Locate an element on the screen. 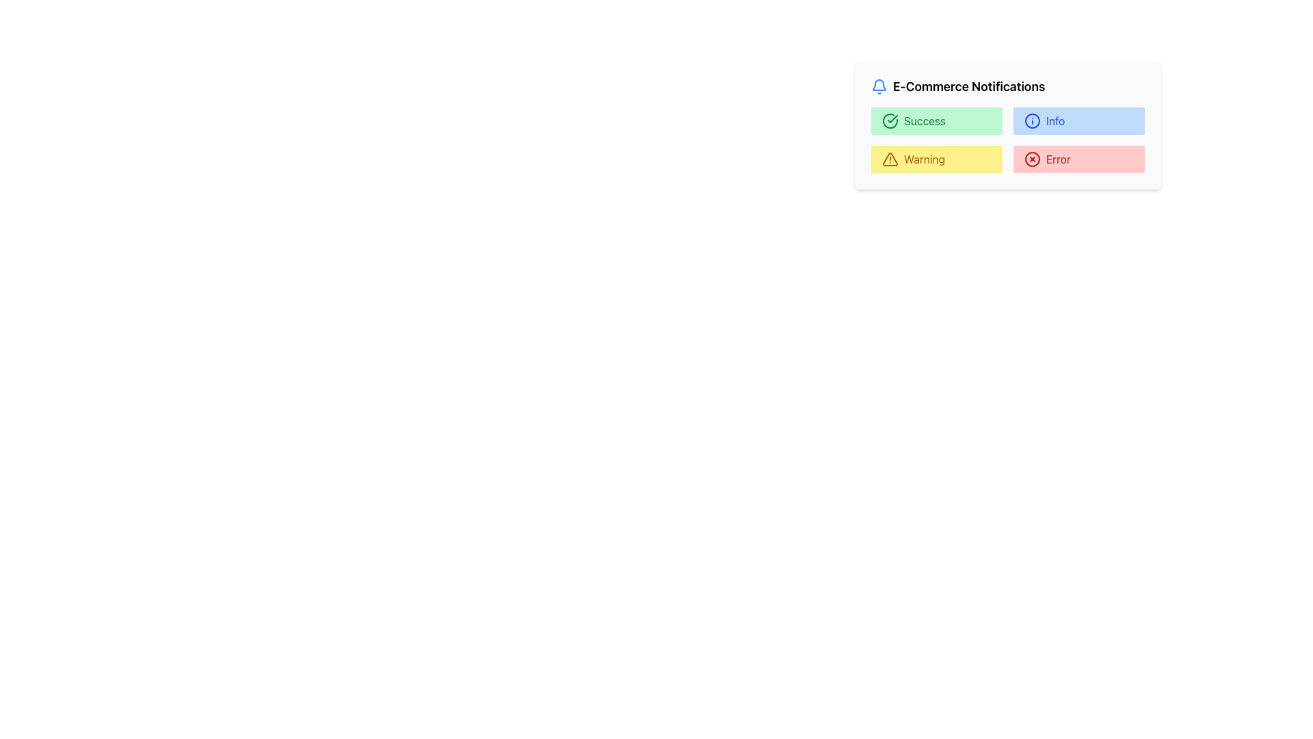 This screenshot has height=739, width=1313. the blue notification bell icon located at the top-left corner of the notification panel, specifically targeting the left side of its base curve is located at coordinates (879, 85).